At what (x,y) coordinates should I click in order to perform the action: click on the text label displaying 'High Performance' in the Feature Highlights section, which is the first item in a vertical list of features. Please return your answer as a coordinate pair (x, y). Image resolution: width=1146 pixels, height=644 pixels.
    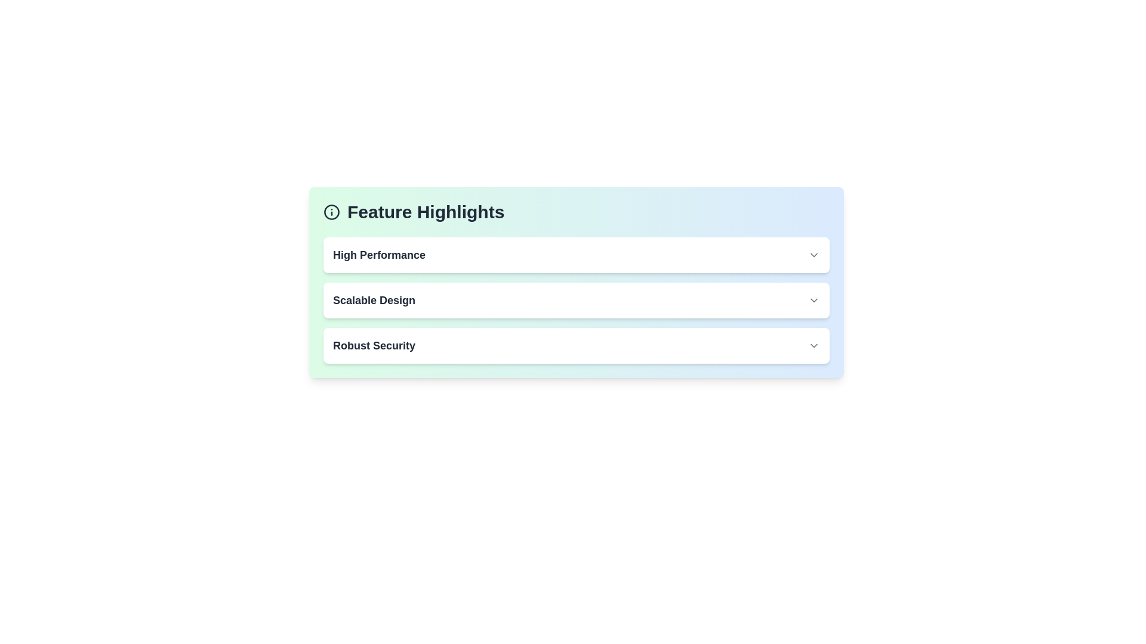
    Looking at the image, I should click on (378, 255).